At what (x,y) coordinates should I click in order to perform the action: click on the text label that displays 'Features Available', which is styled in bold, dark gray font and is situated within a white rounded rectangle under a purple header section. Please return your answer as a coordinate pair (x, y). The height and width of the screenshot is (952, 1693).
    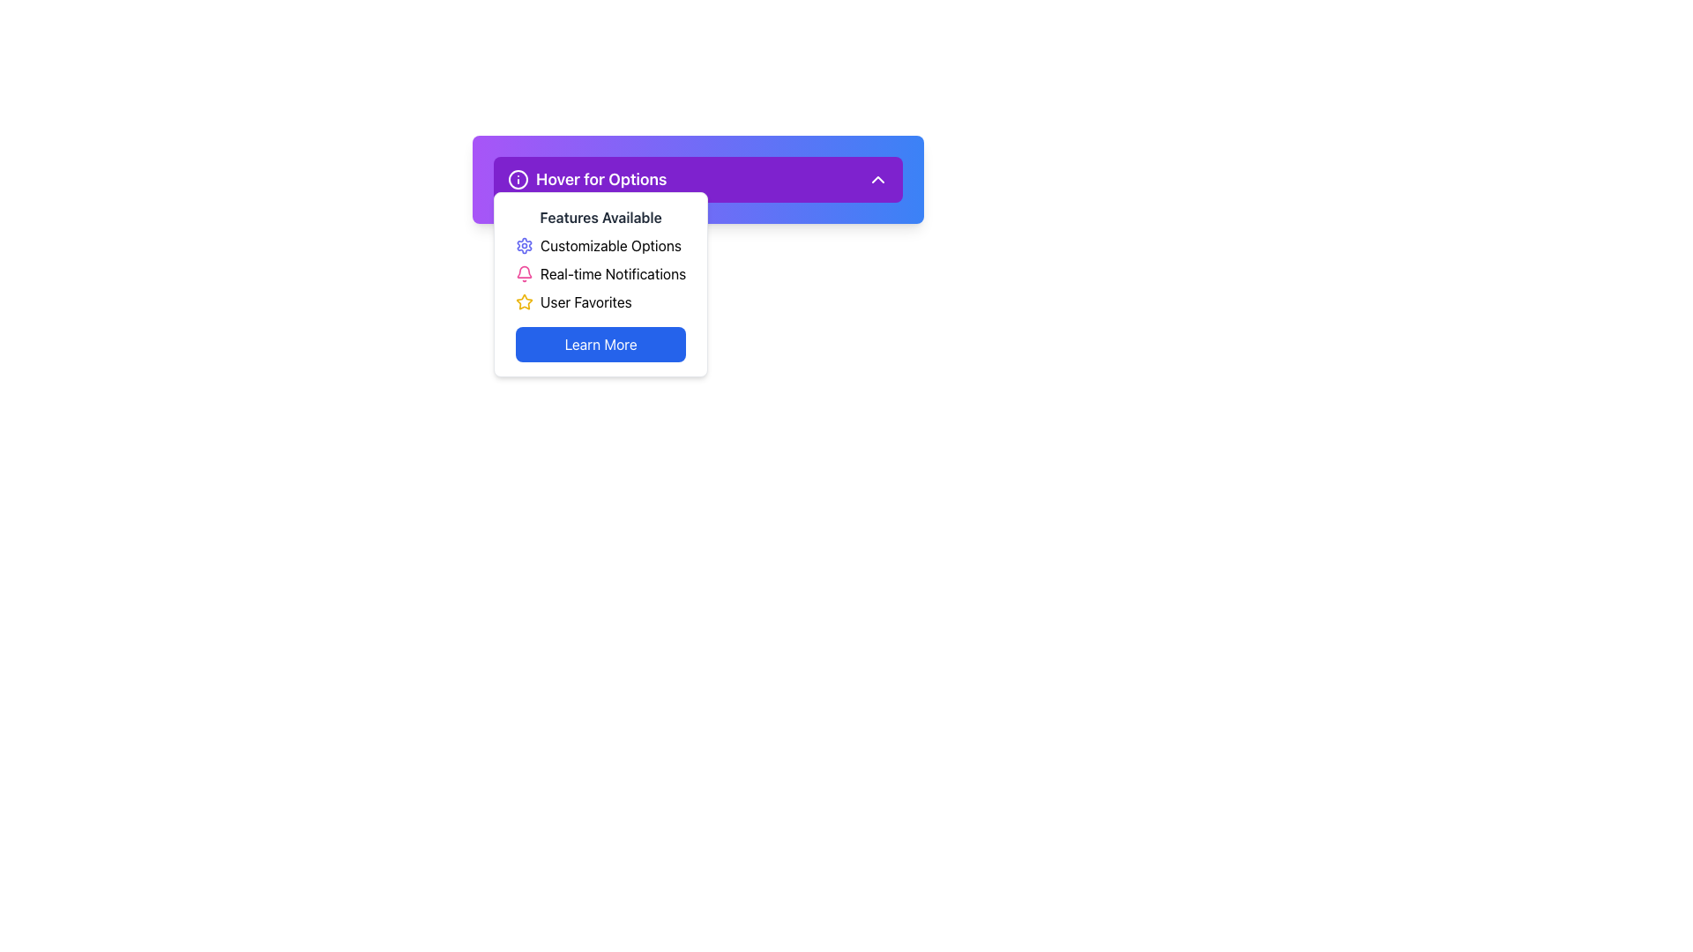
    Looking at the image, I should click on (600, 216).